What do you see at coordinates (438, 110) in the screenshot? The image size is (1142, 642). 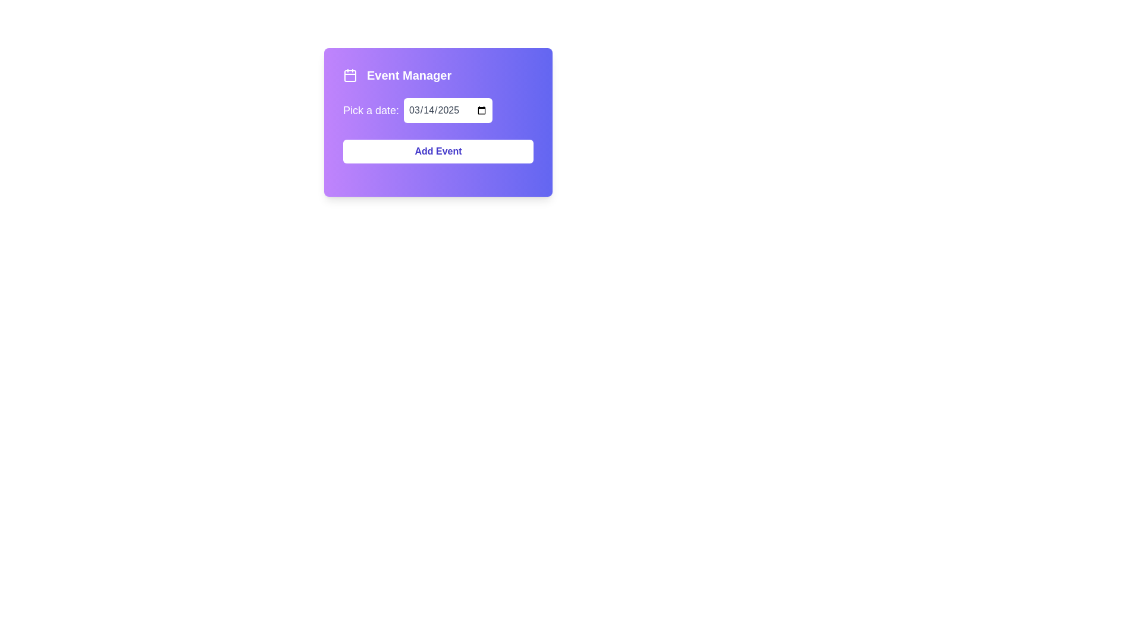 I see `the date input field in the Date Picker Input Group located beneath the 'Event Manager' title and above the 'Add Event' button to type a date` at bounding box center [438, 110].